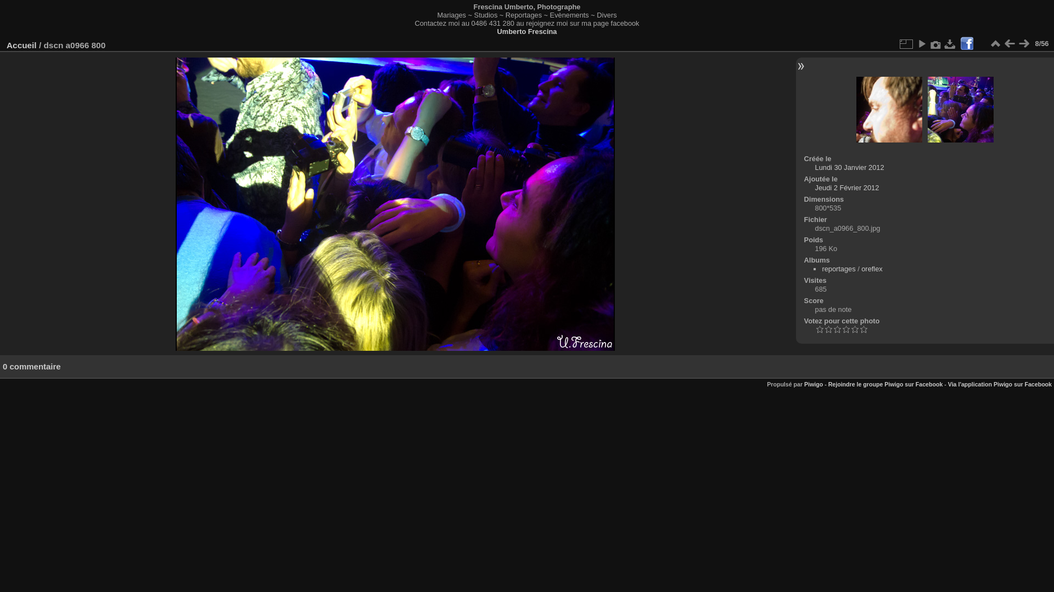 The image size is (1054, 592). What do you see at coordinates (814, 384) in the screenshot?
I see `'Piwigo'` at bounding box center [814, 384].